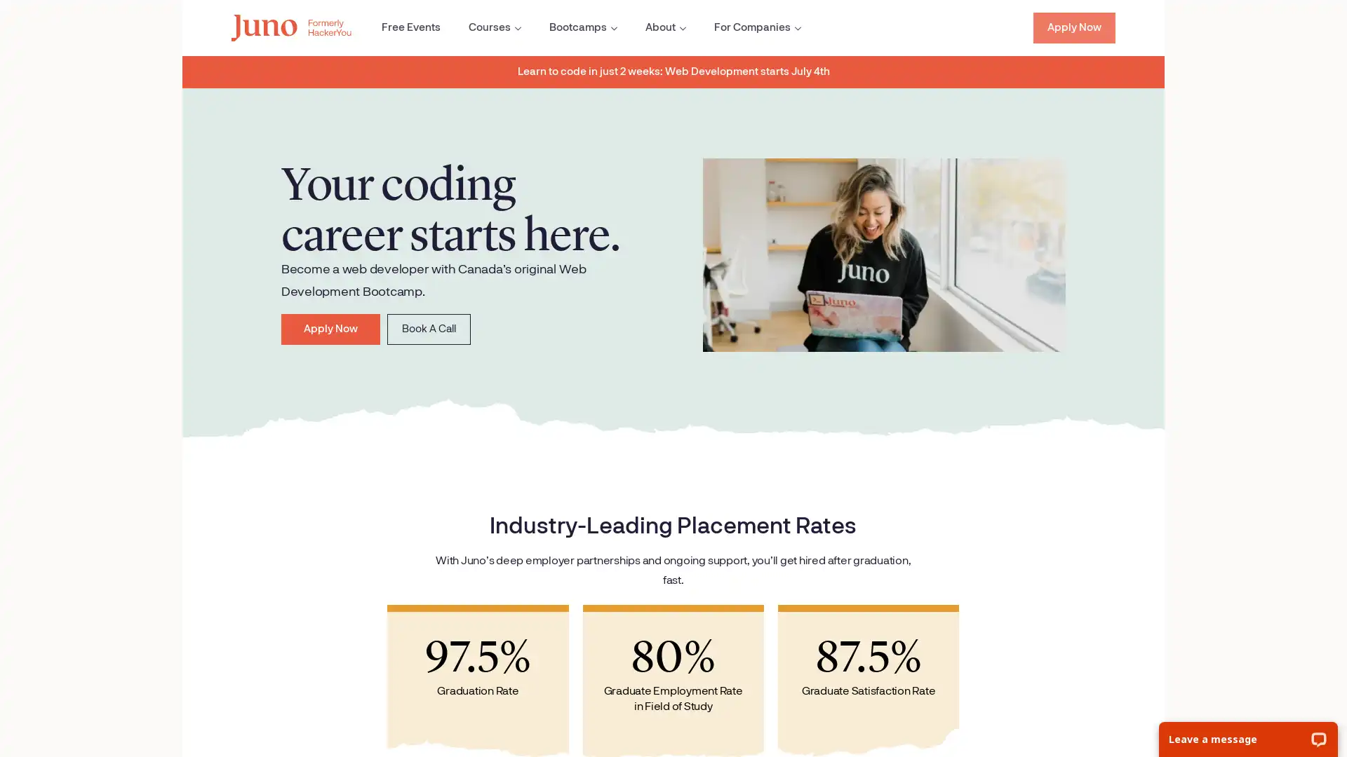 The width and height of the screenshot is (1347, 757). I want to click on Open the About sub menu., so click(652, 27).